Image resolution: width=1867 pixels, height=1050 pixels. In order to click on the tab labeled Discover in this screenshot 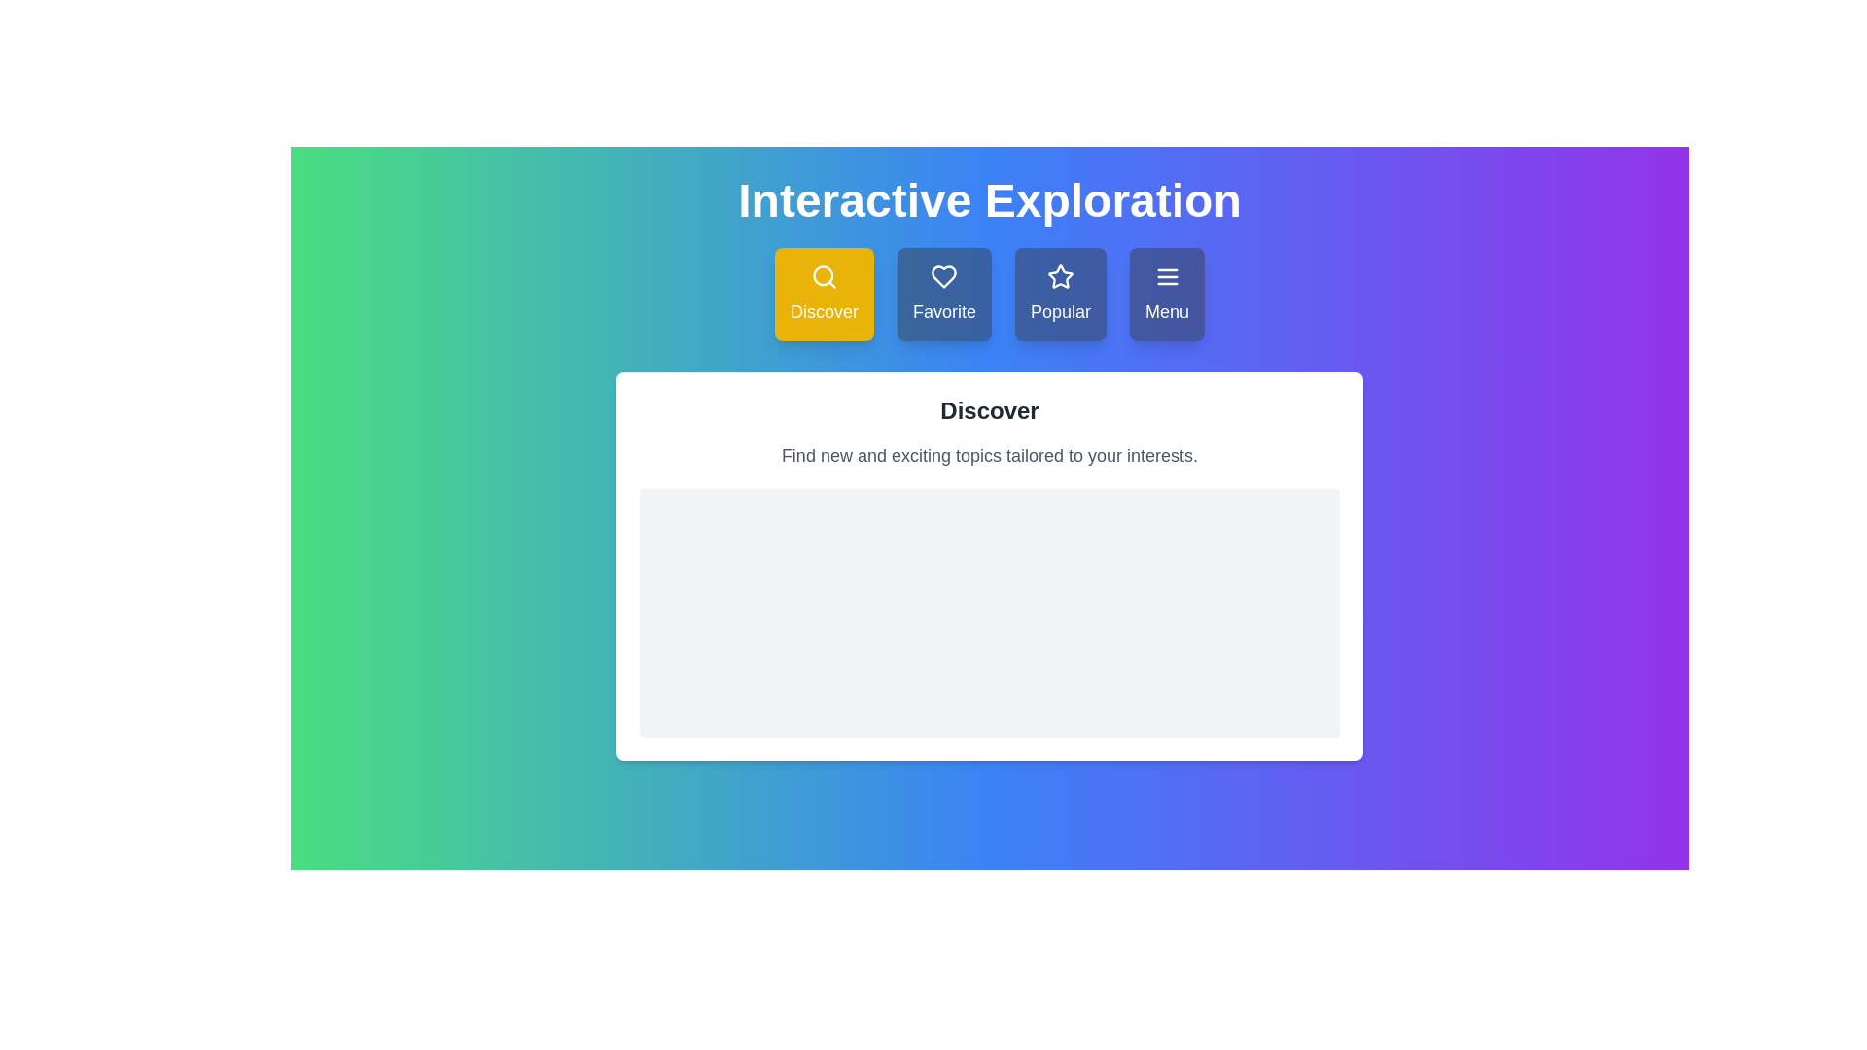, I will do `click(824, 295)`.